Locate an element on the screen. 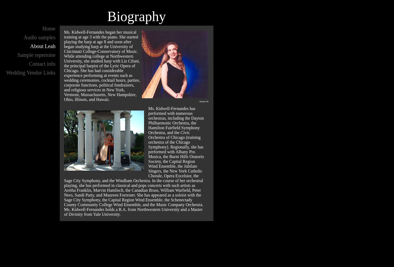 This screenshot has width=394, height=267. 'Home' is located at coordinates (49, 28).